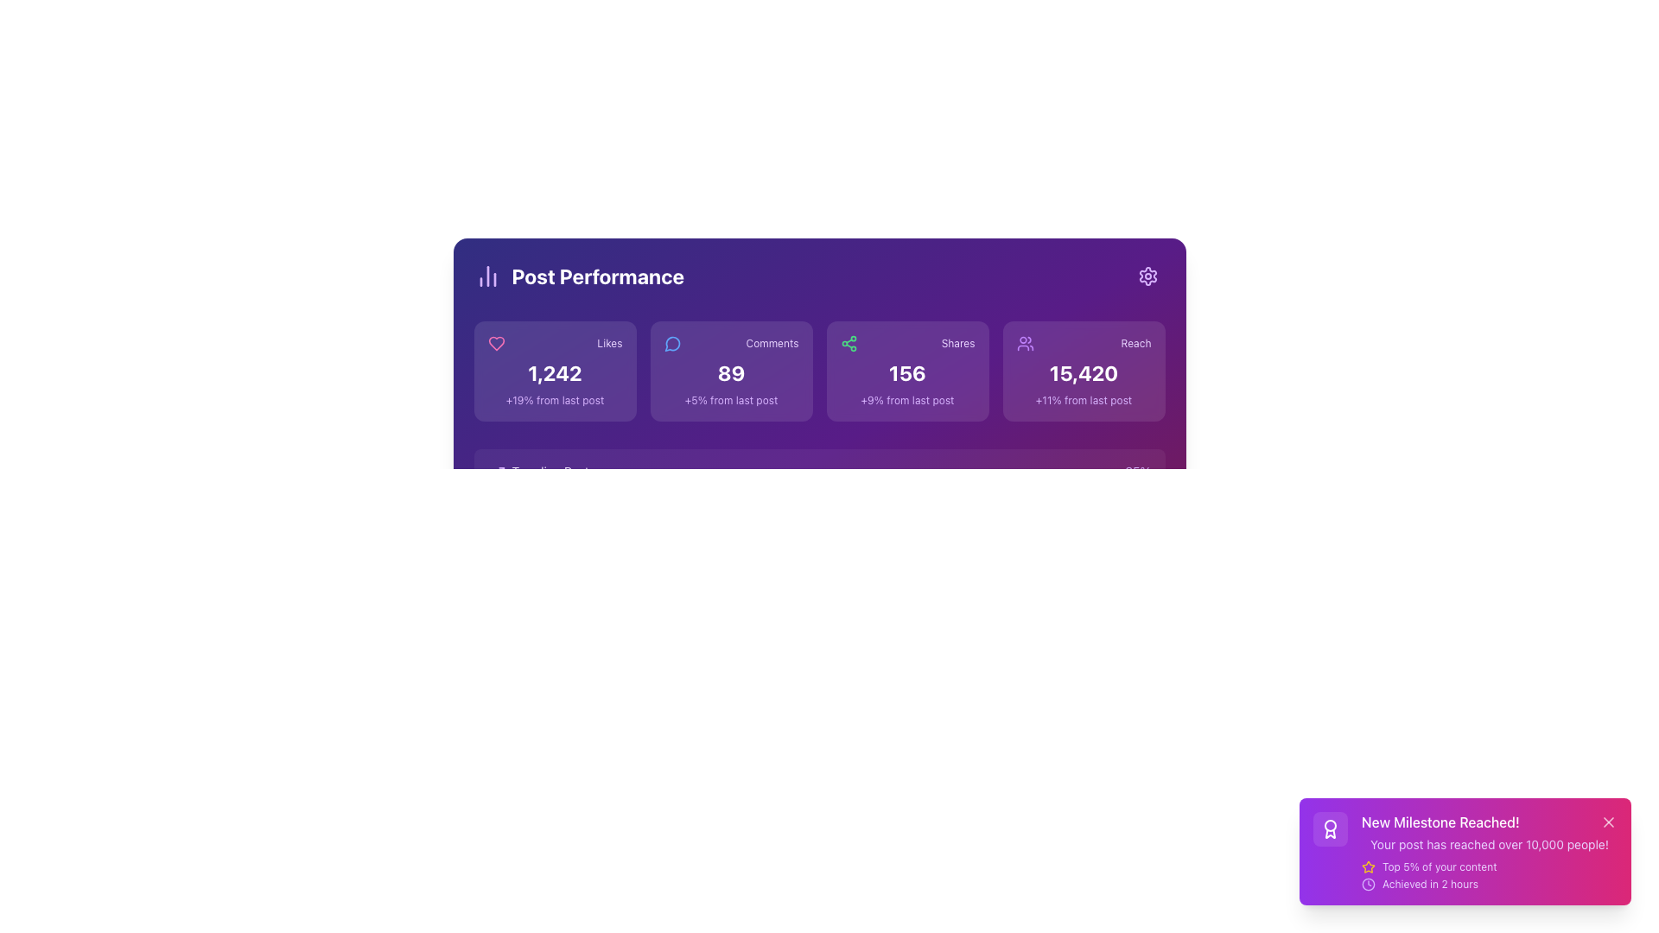  Describe the element at coordinates (555, 400) in the screenshot. I see `informational label indicating a 19% increase in likes compared to the previous post, located below the numeric value '1,242' in the 'Post Performance' panel` at that location.